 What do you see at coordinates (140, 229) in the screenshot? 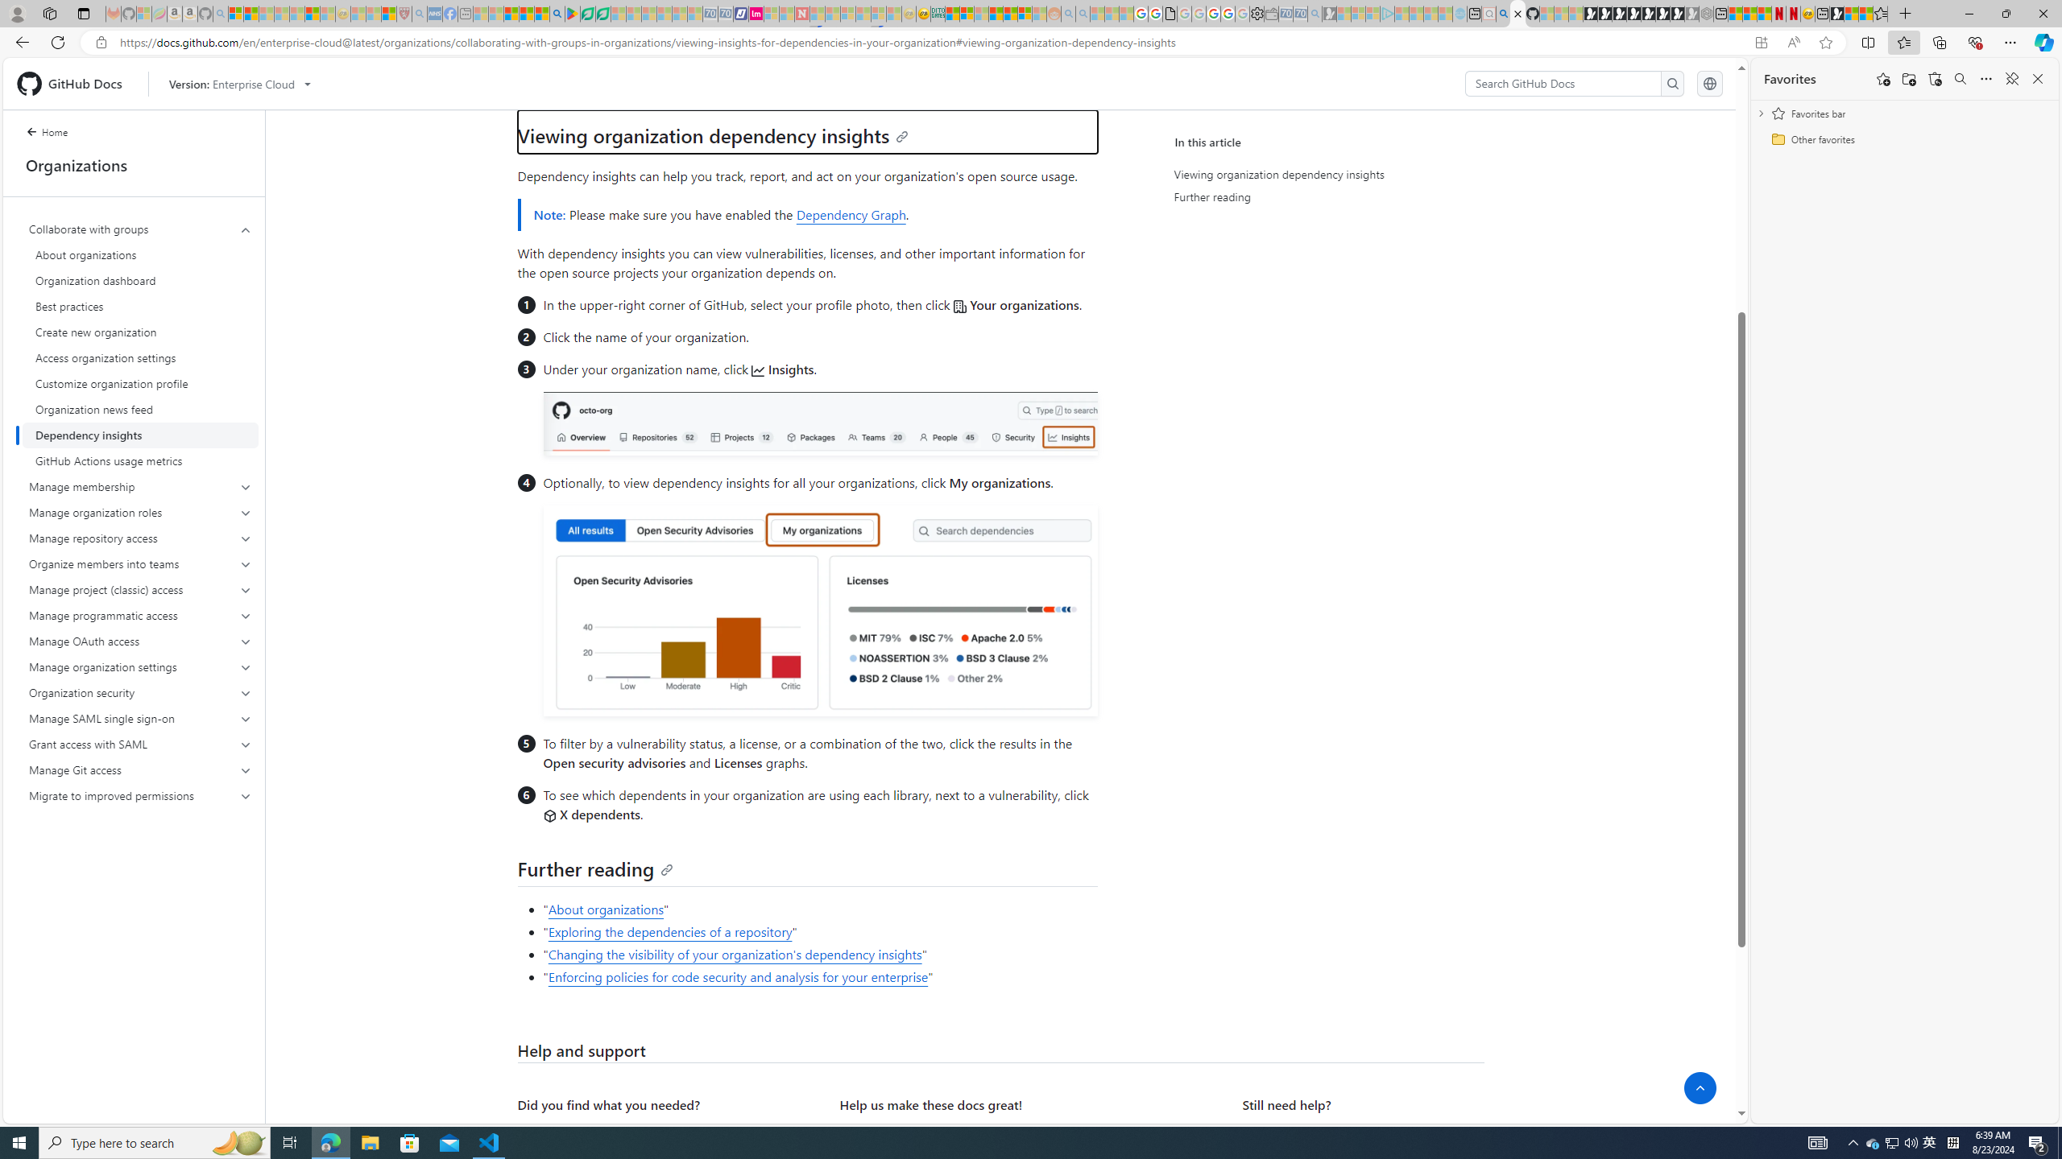
I see `'Collaborate with groups'` at bounding box center [140, 229].